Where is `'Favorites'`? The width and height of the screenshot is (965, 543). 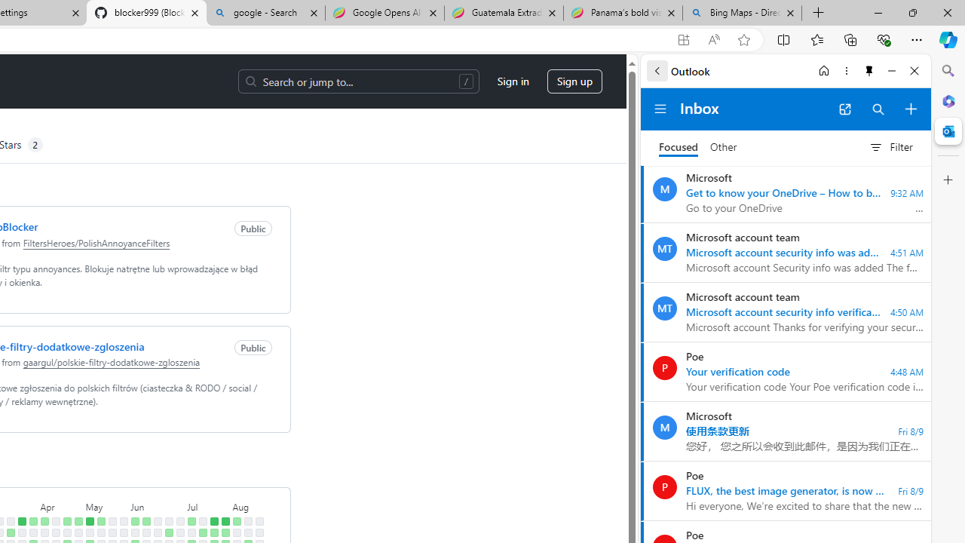 'Favorites' is located at coordinates (816, 38).